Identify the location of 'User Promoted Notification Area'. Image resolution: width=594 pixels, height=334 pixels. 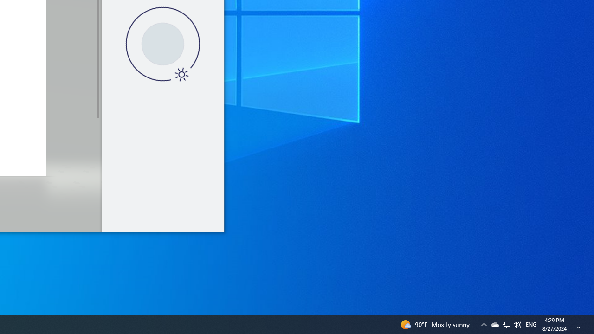
(483, 324).